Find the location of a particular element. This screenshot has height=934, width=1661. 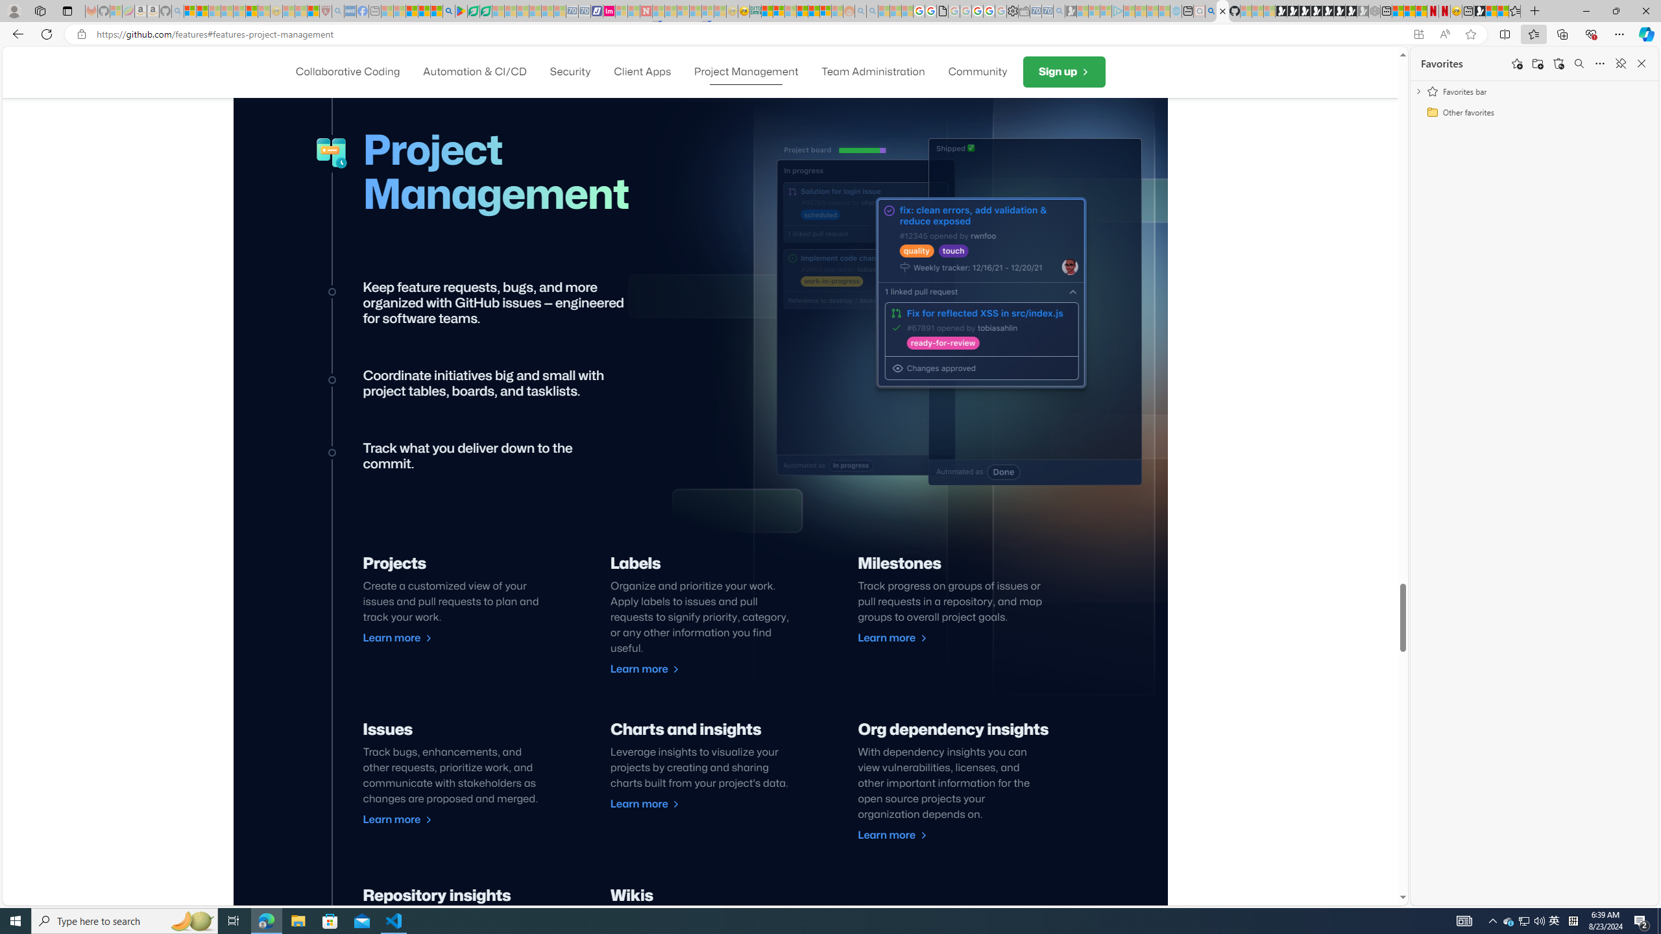

'google_privacy_policy_zh-CN.pdf' is located at coordinates (941, 10).